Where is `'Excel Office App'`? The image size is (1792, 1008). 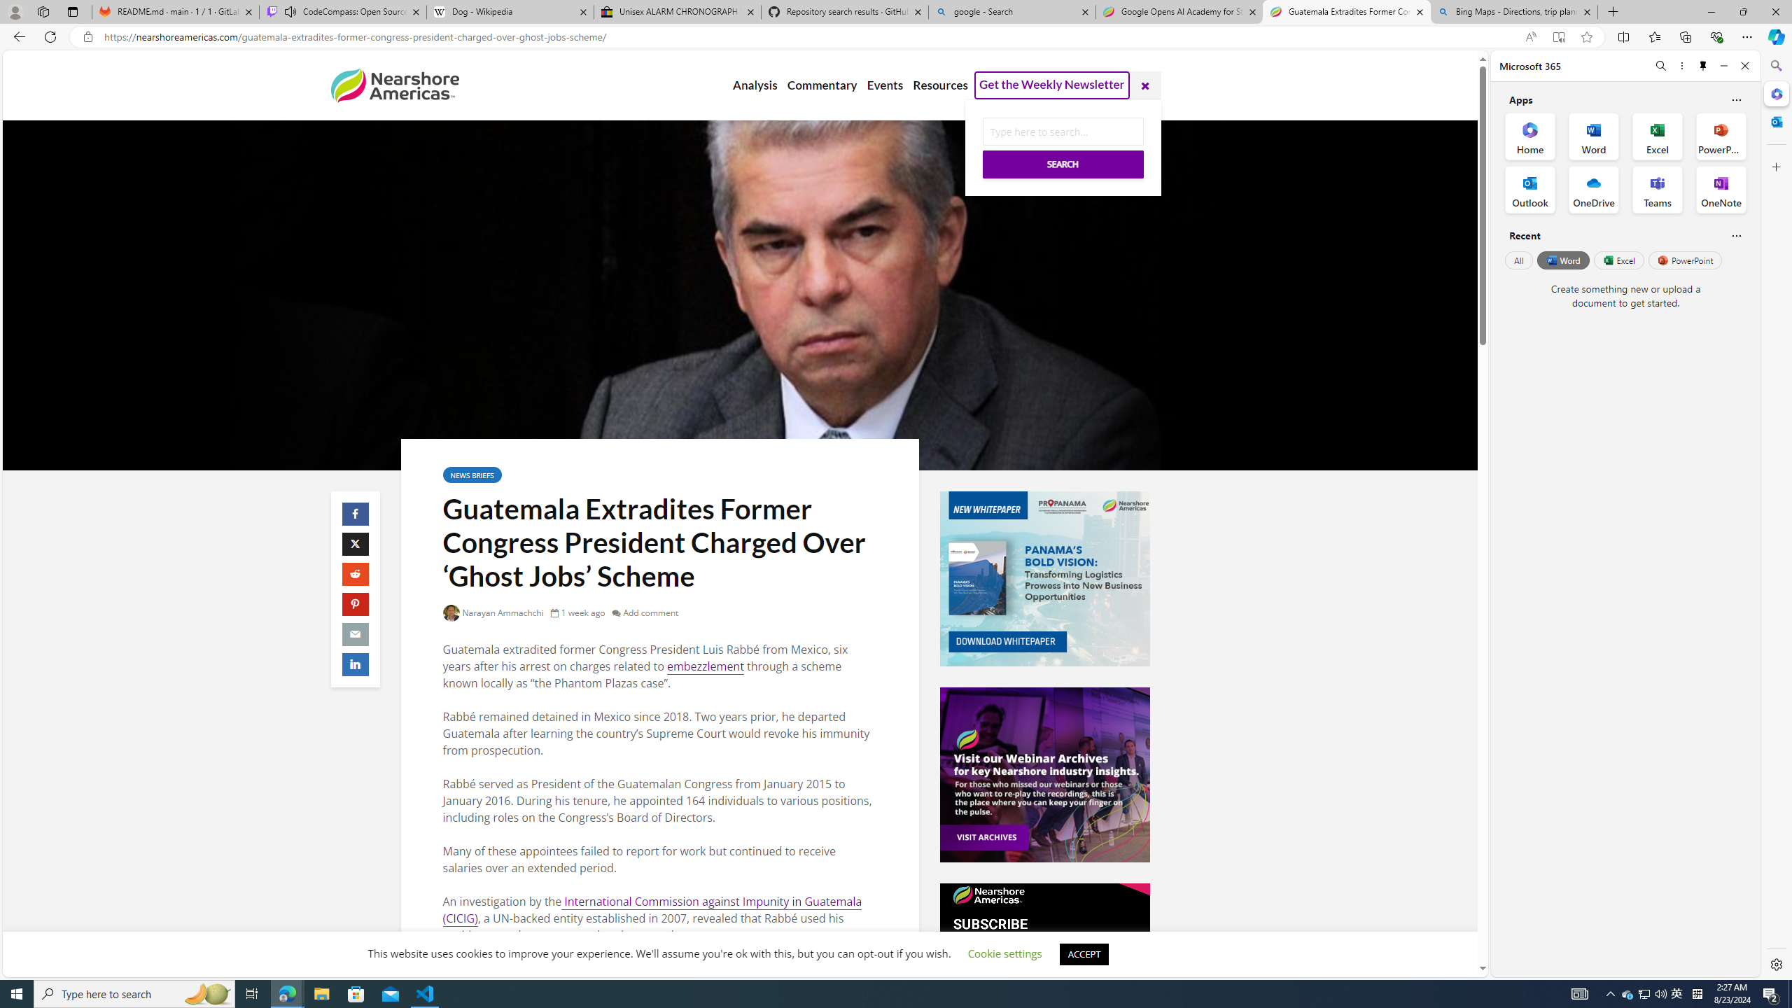 'Excel Office App' is located at coordinates (1658, 136).